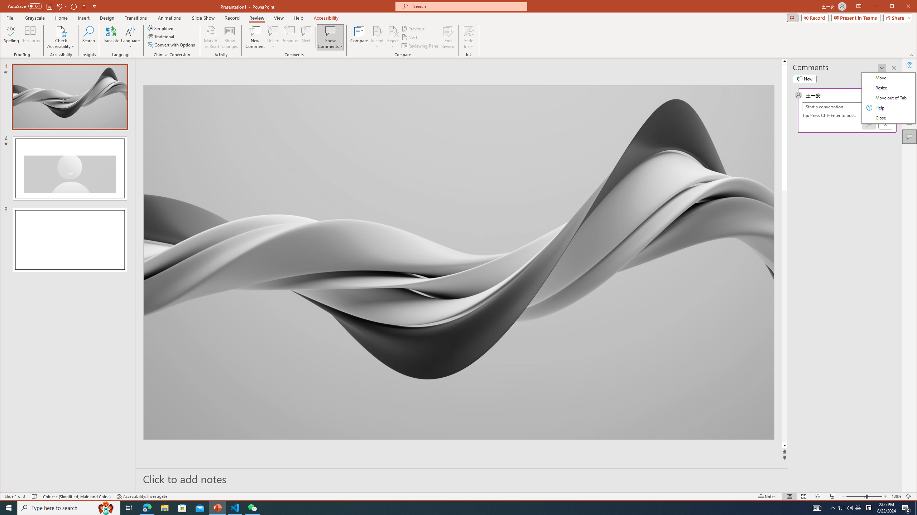  I want to click on 'Maximize', so click(902, 7).